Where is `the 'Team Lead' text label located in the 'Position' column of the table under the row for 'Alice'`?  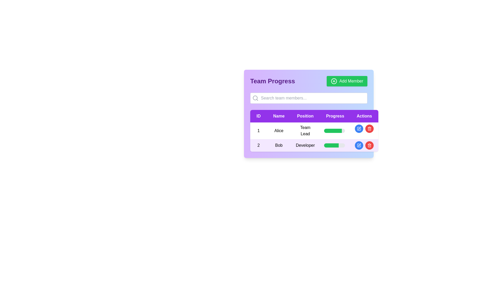
the 'Team Lead' text label located in the 'Position' column of the table under the row for 'Alice' is located at coordinates (305, 131).